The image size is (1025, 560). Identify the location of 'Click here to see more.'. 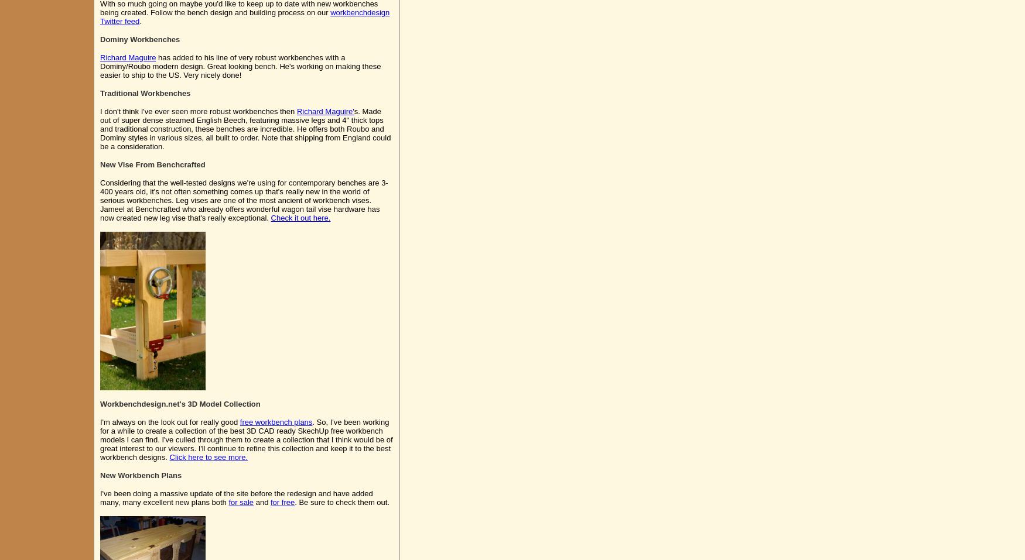
(208, 456).